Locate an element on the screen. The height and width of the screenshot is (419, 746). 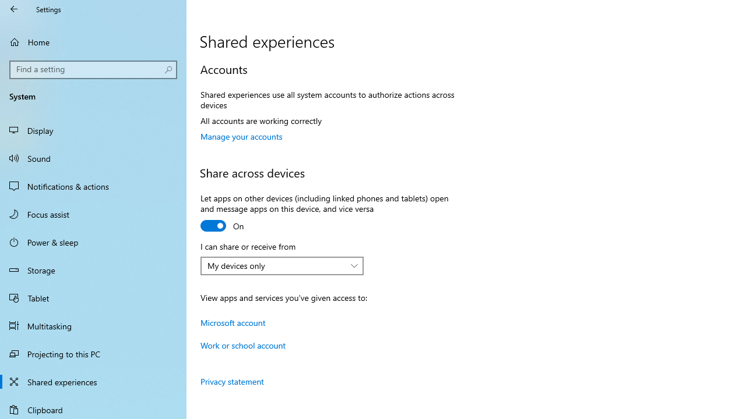
'Focus assist' is located at coordinates (93, 214).